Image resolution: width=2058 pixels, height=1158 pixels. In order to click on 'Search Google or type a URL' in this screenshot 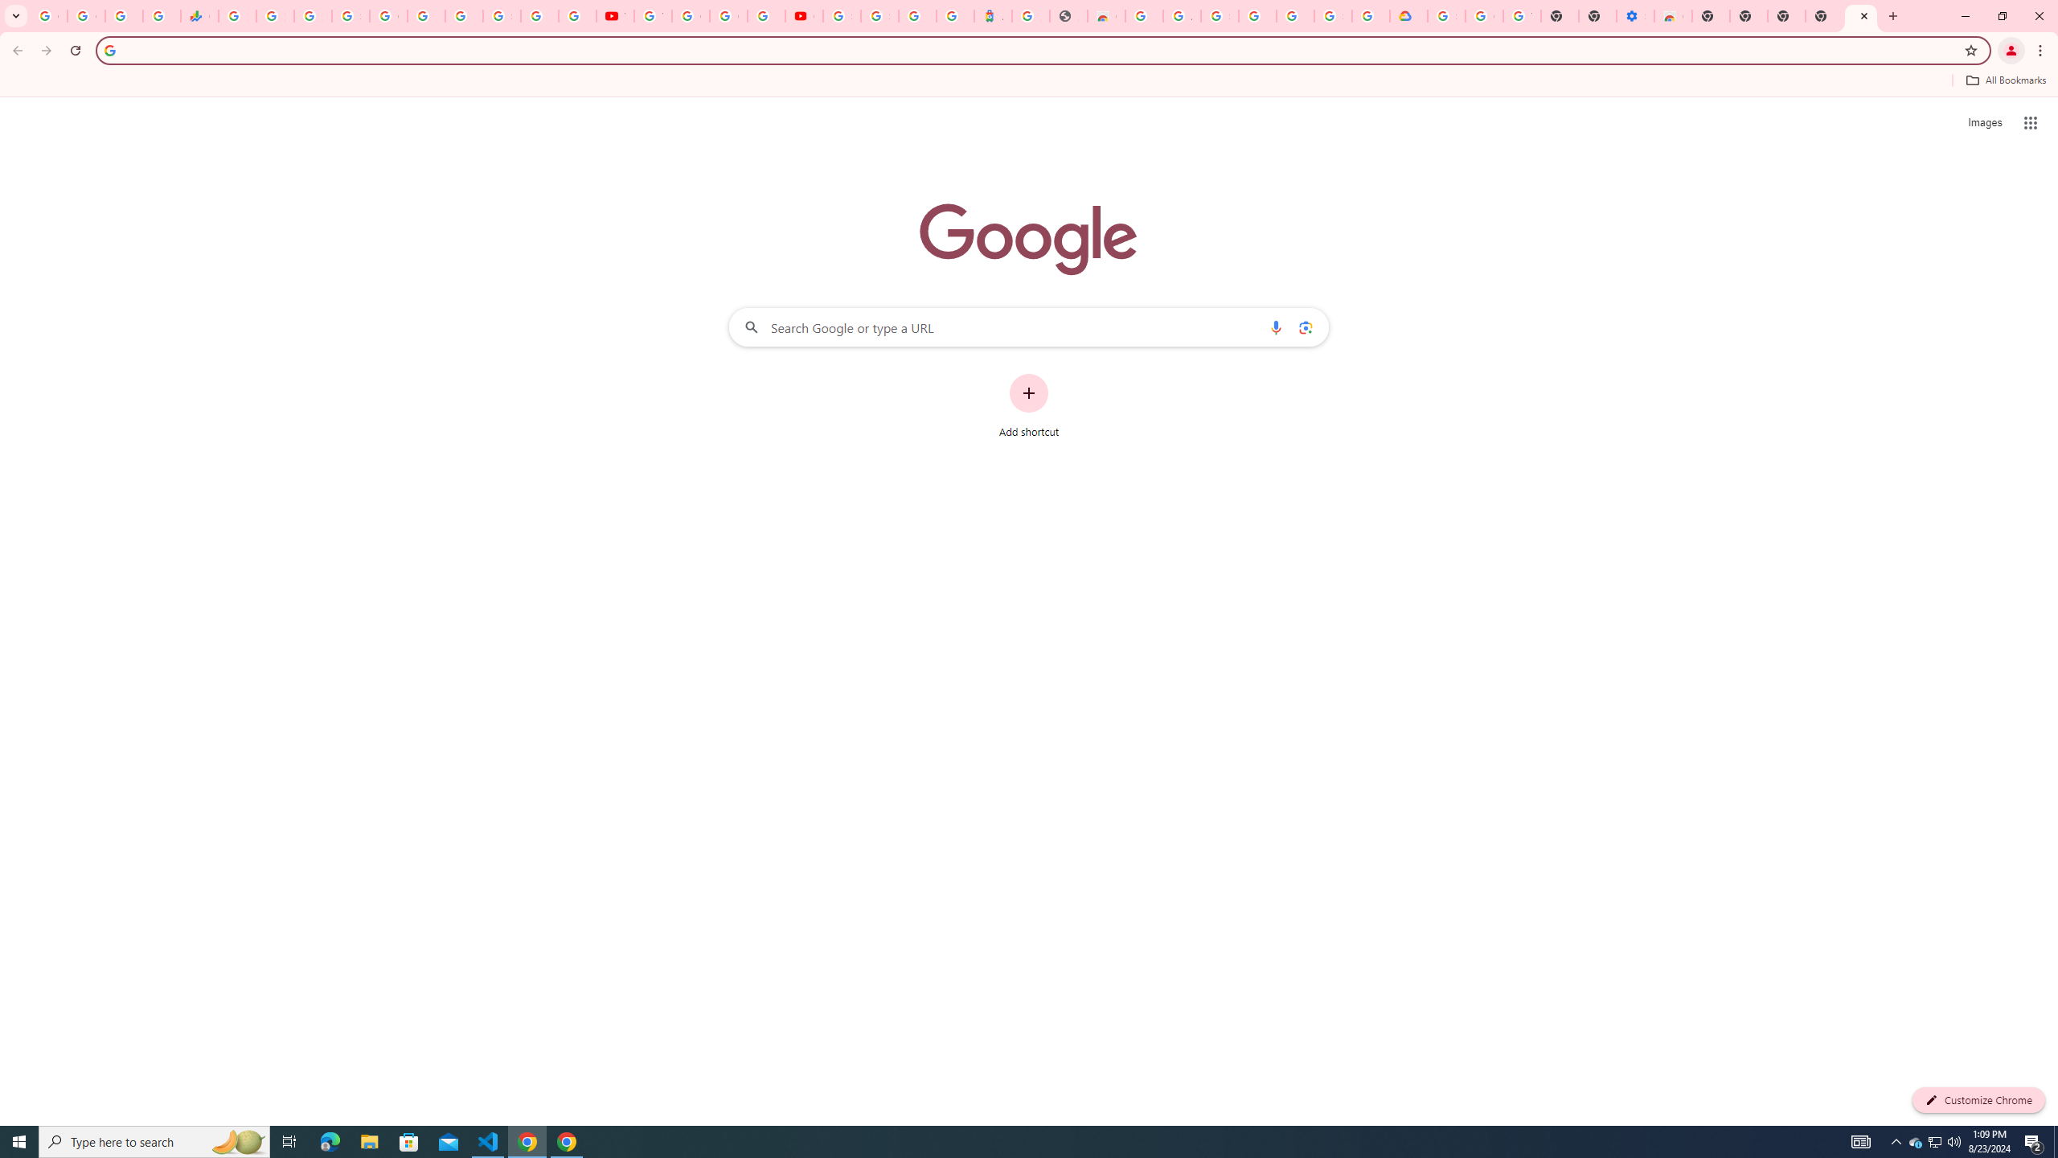, I will do `click(1029, 326)`.